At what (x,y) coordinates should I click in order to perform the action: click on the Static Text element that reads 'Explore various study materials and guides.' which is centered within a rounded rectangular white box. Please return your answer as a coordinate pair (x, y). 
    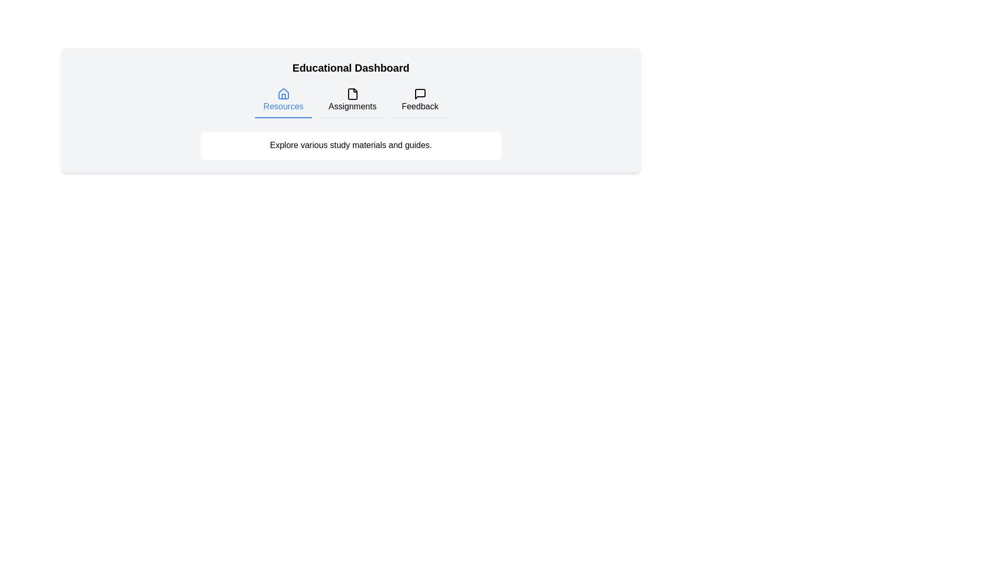
    Looking at the image, I should click on (351, 145).